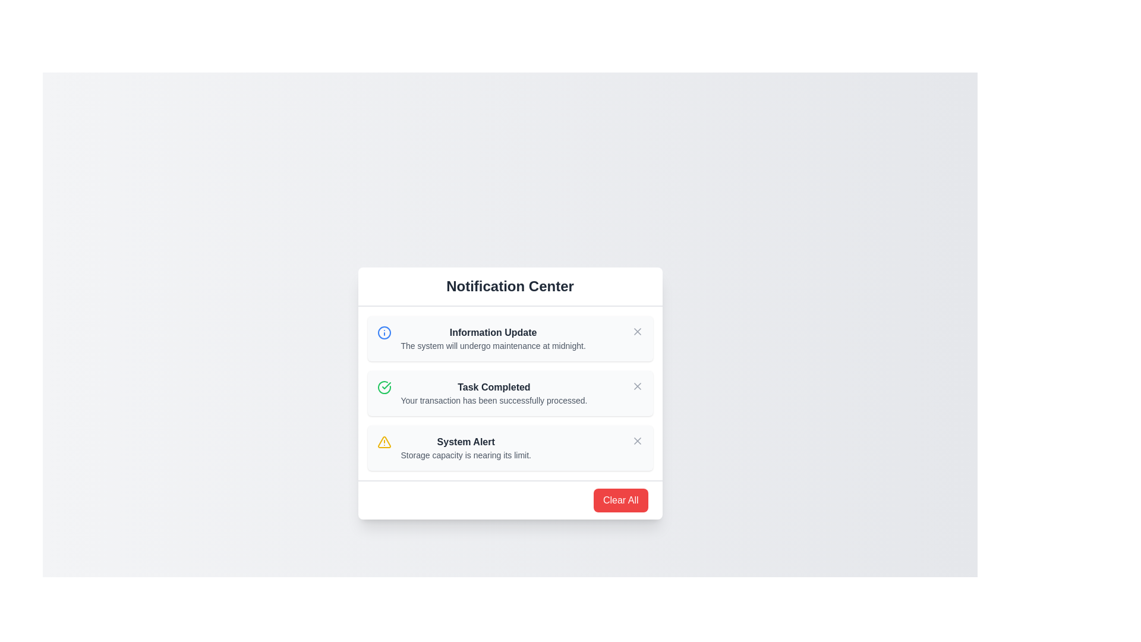 This screenshot has width=1141, height=642. What do you see at coordinates (465, 455) in the screenshot?
I see `the informational text label that conveys a warning regarding storage capacity limits, located beneath the 'System Alert' title in the notification card` at bounding box center [465, 455].